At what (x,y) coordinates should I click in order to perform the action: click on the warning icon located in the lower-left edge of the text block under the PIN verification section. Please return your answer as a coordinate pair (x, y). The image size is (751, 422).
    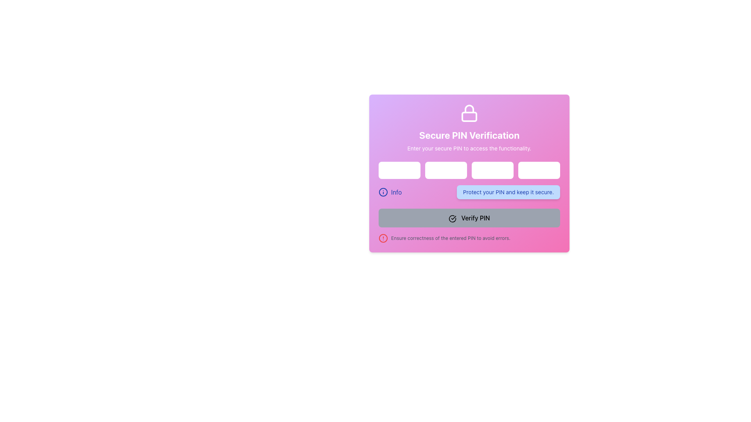
    Looking at the image, I should click on (383, 238).